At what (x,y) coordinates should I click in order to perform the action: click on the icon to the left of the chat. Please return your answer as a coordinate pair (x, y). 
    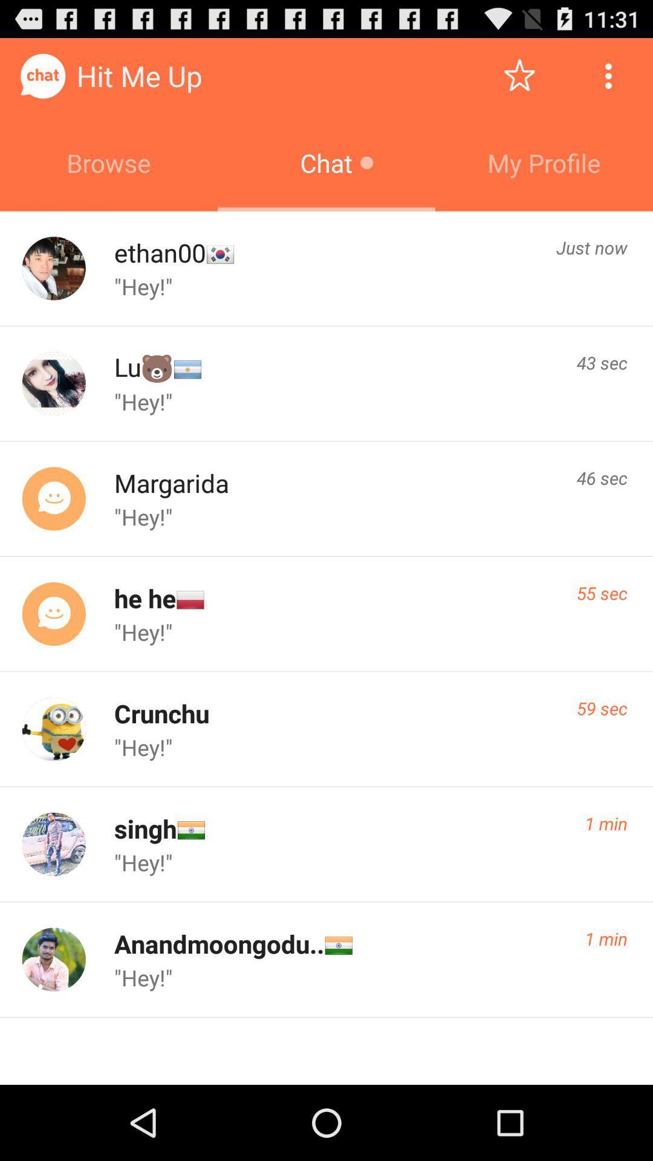
    Looking at the image, I should click on (109, 162).